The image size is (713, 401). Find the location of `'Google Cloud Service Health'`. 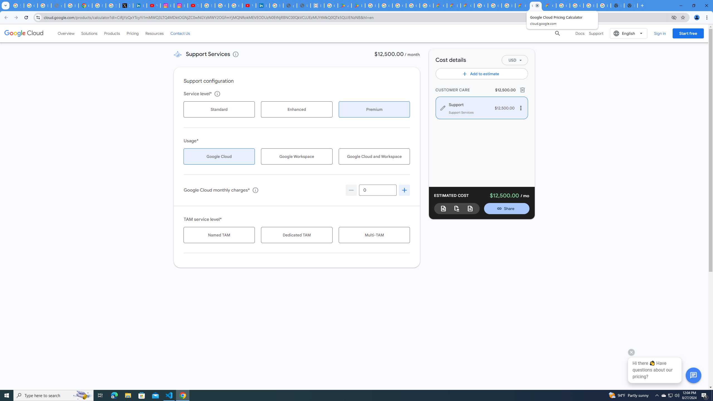

'Google Cloud Service Health' is located at coordinates (549, 5).